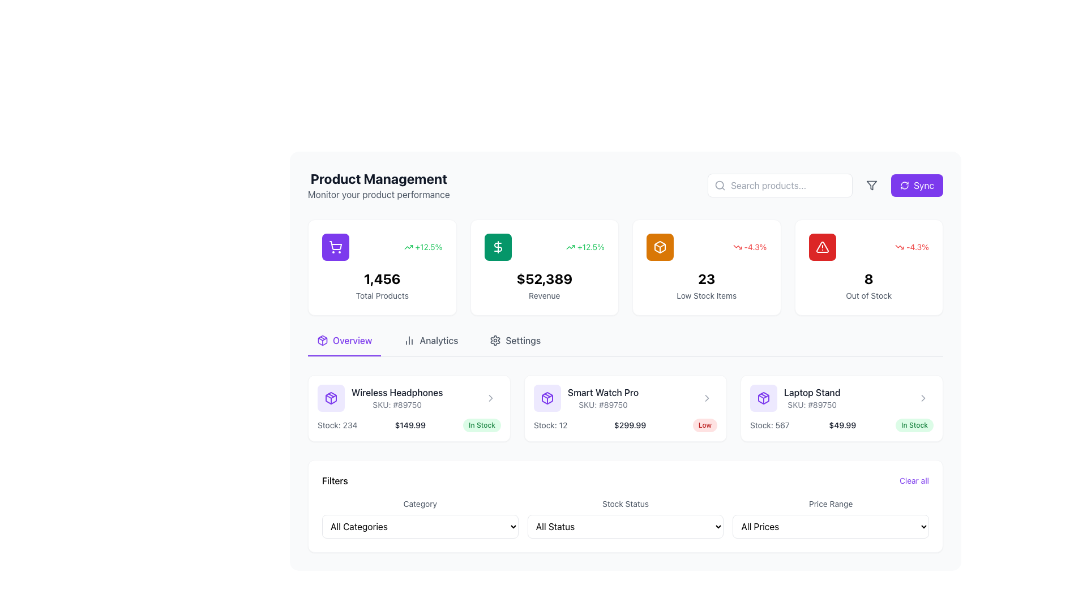  I want to click on the white box icon with a rounded outline, which is positioned on an orange background and is part of the 'Low Stock Items' tile displaying the number 23, so click(660, 246).